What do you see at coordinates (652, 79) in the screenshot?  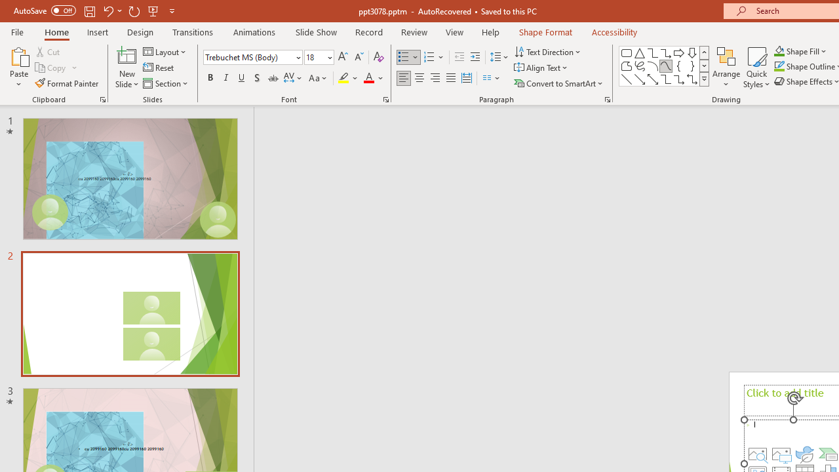 I see `'Line Arrow: Double'` at bounding box center [652, 79].